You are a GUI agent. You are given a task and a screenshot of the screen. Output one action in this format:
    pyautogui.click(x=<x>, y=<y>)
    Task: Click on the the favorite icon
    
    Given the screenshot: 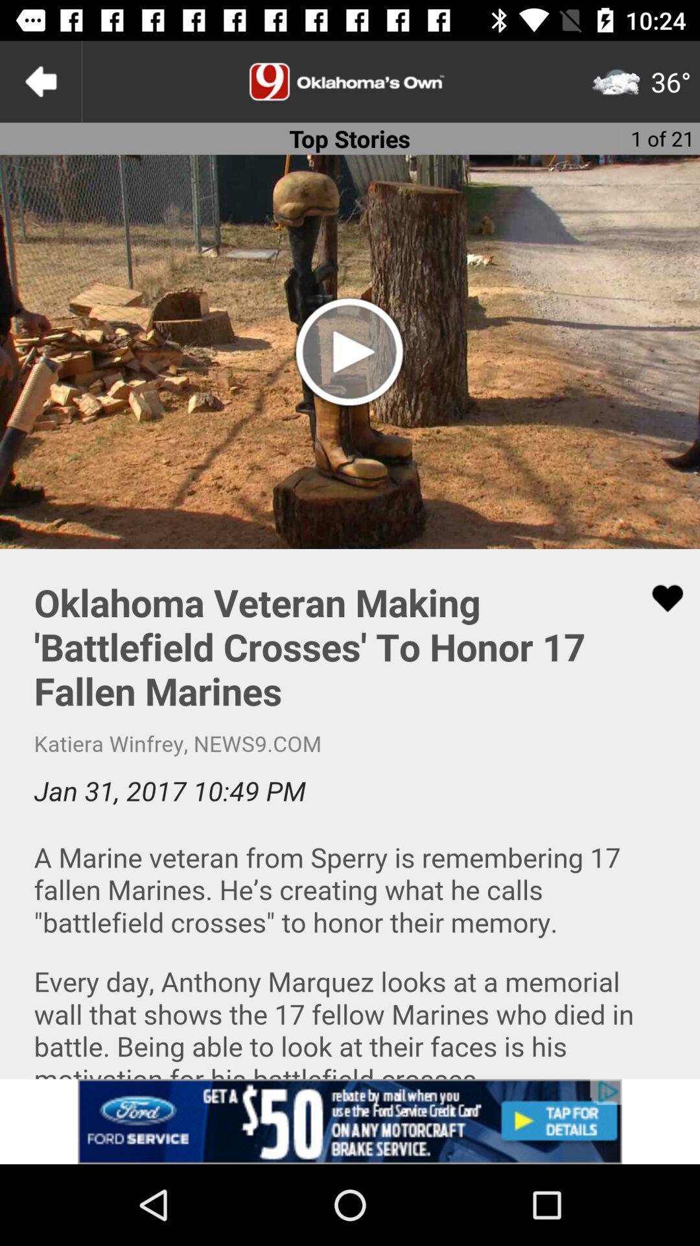 What is the action you would take?
    pyautogui.click(x=659, y=598)
    